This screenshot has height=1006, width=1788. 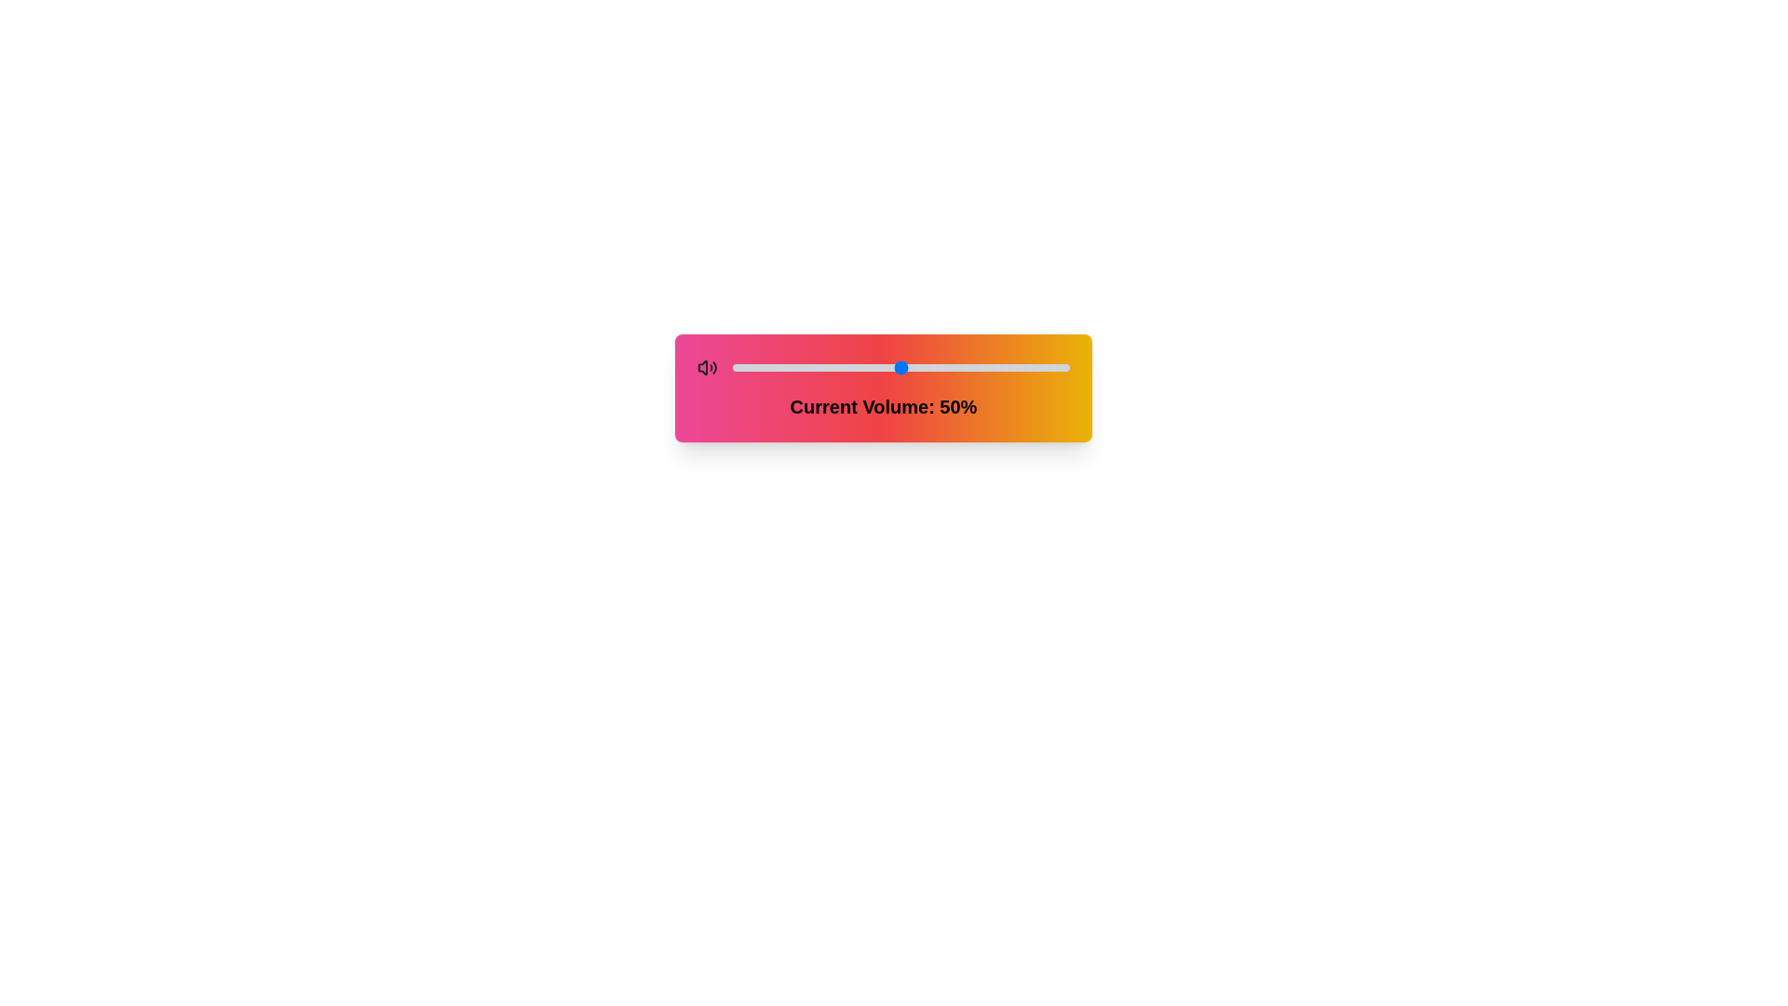 What do you see at coordinates (1001, 367) in the screenshot?
I see `the volume slider to set the volume to 80%` at bounding box center [1001, 367].